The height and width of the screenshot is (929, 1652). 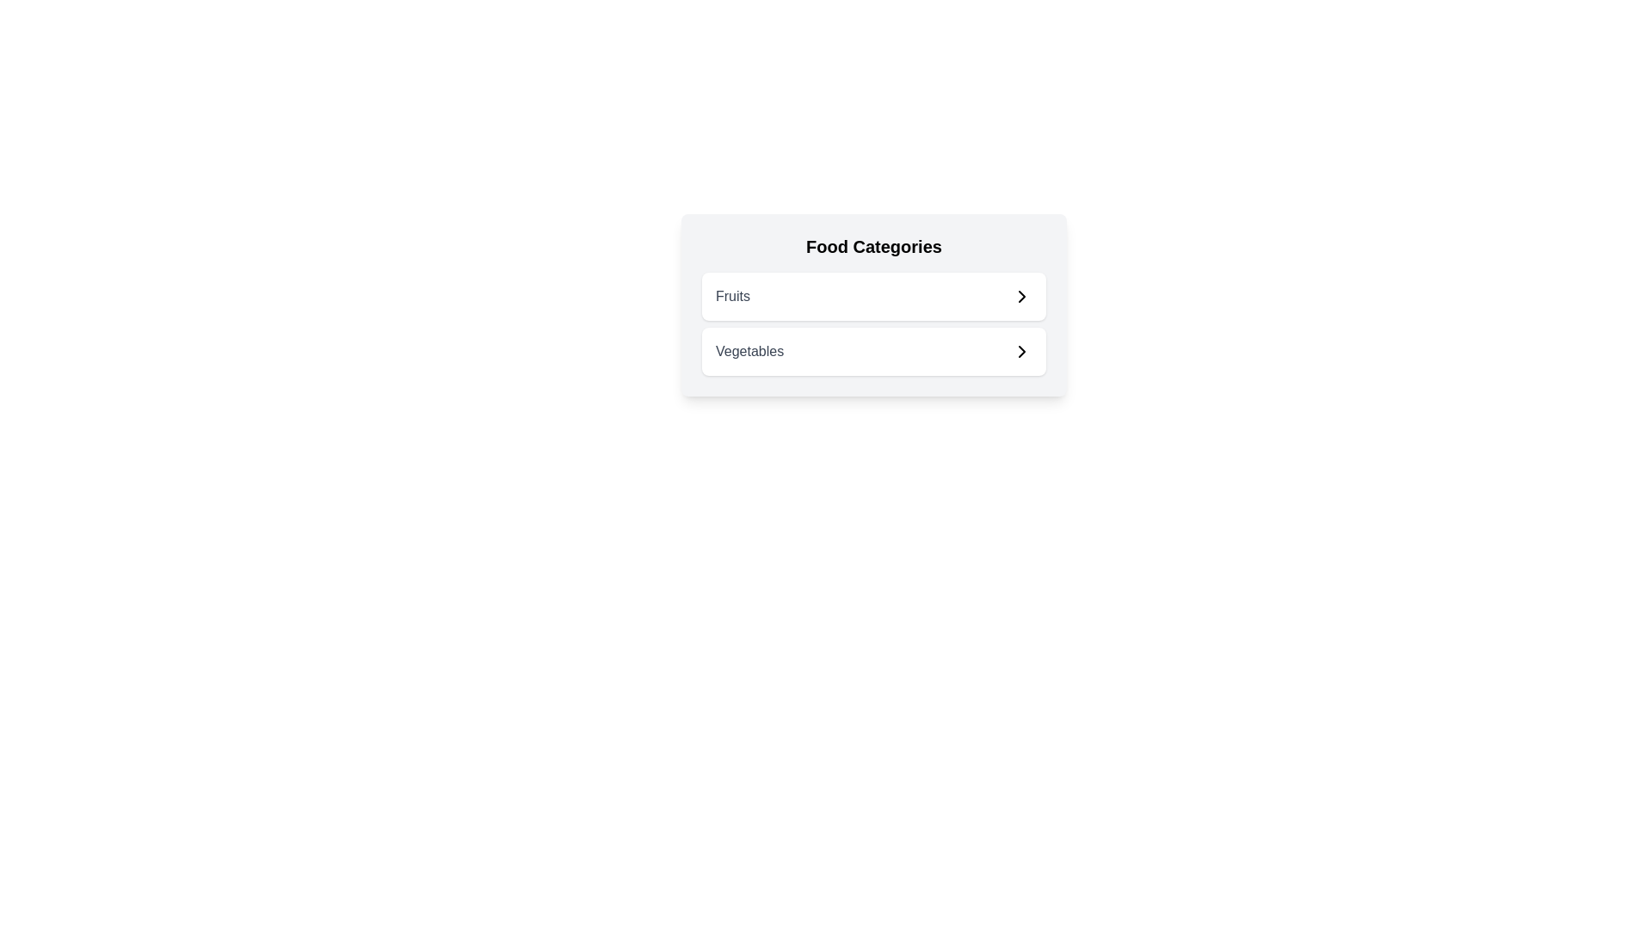 What do you see at coordinates (874, 350) in the screenshot?
I see `the 'Vegetables' button located below the 'Fruits' option in the 'Food Categories' section` at bounding box center [874, 350].